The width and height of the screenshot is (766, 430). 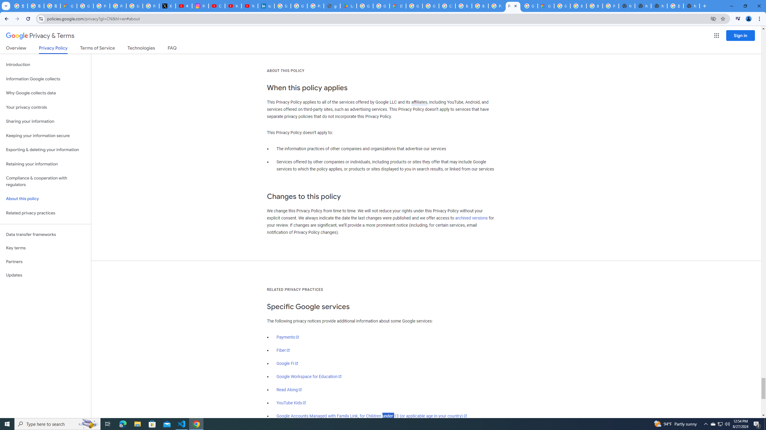 I want to click on 'Google Cloud Estimate Summary', so click(x=545, y=6).